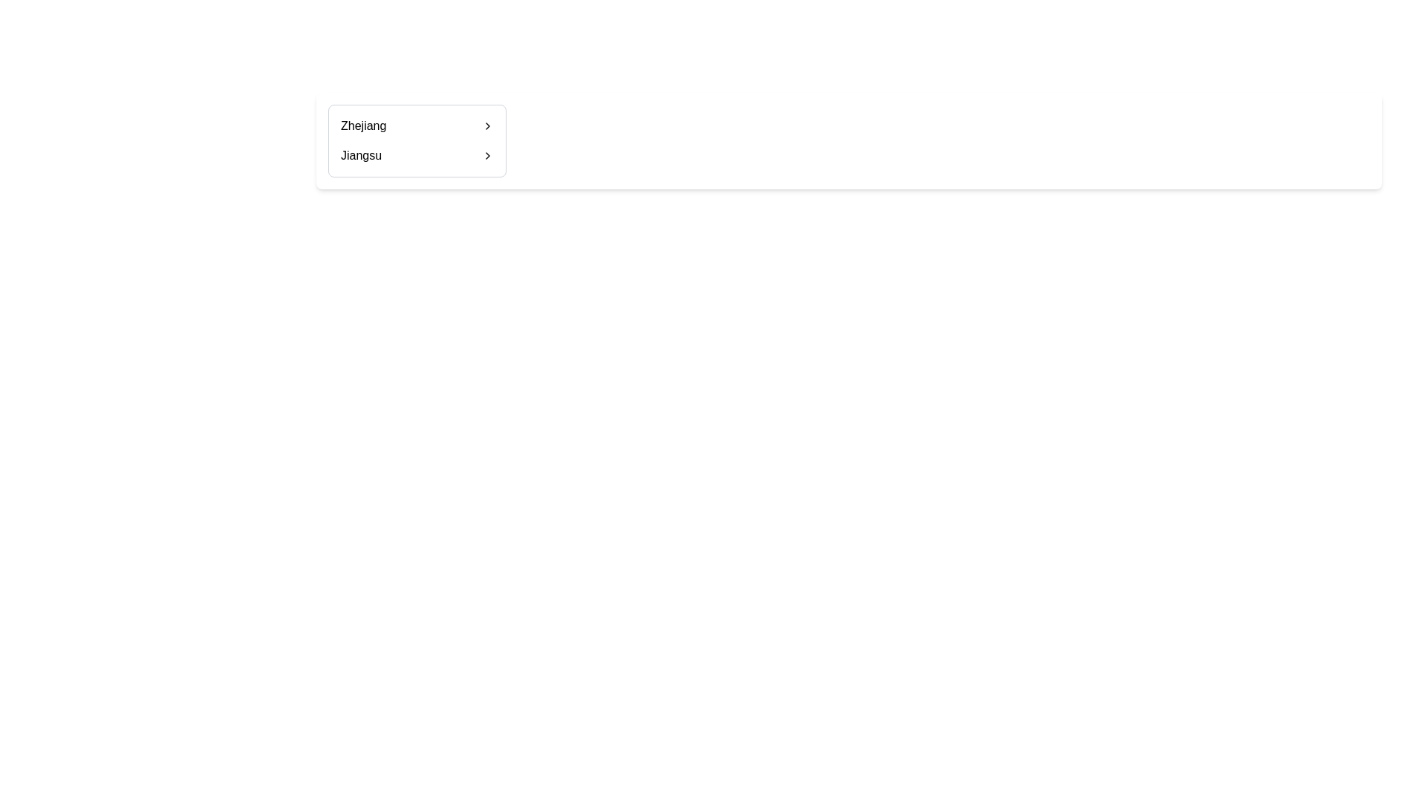 This screenshot has height=802, width=1426. Describe the element at coordinates (361, 155) in the screenshot. I see `the Text label representing a menu item in the second position of a vertical dropdown list` at that location.